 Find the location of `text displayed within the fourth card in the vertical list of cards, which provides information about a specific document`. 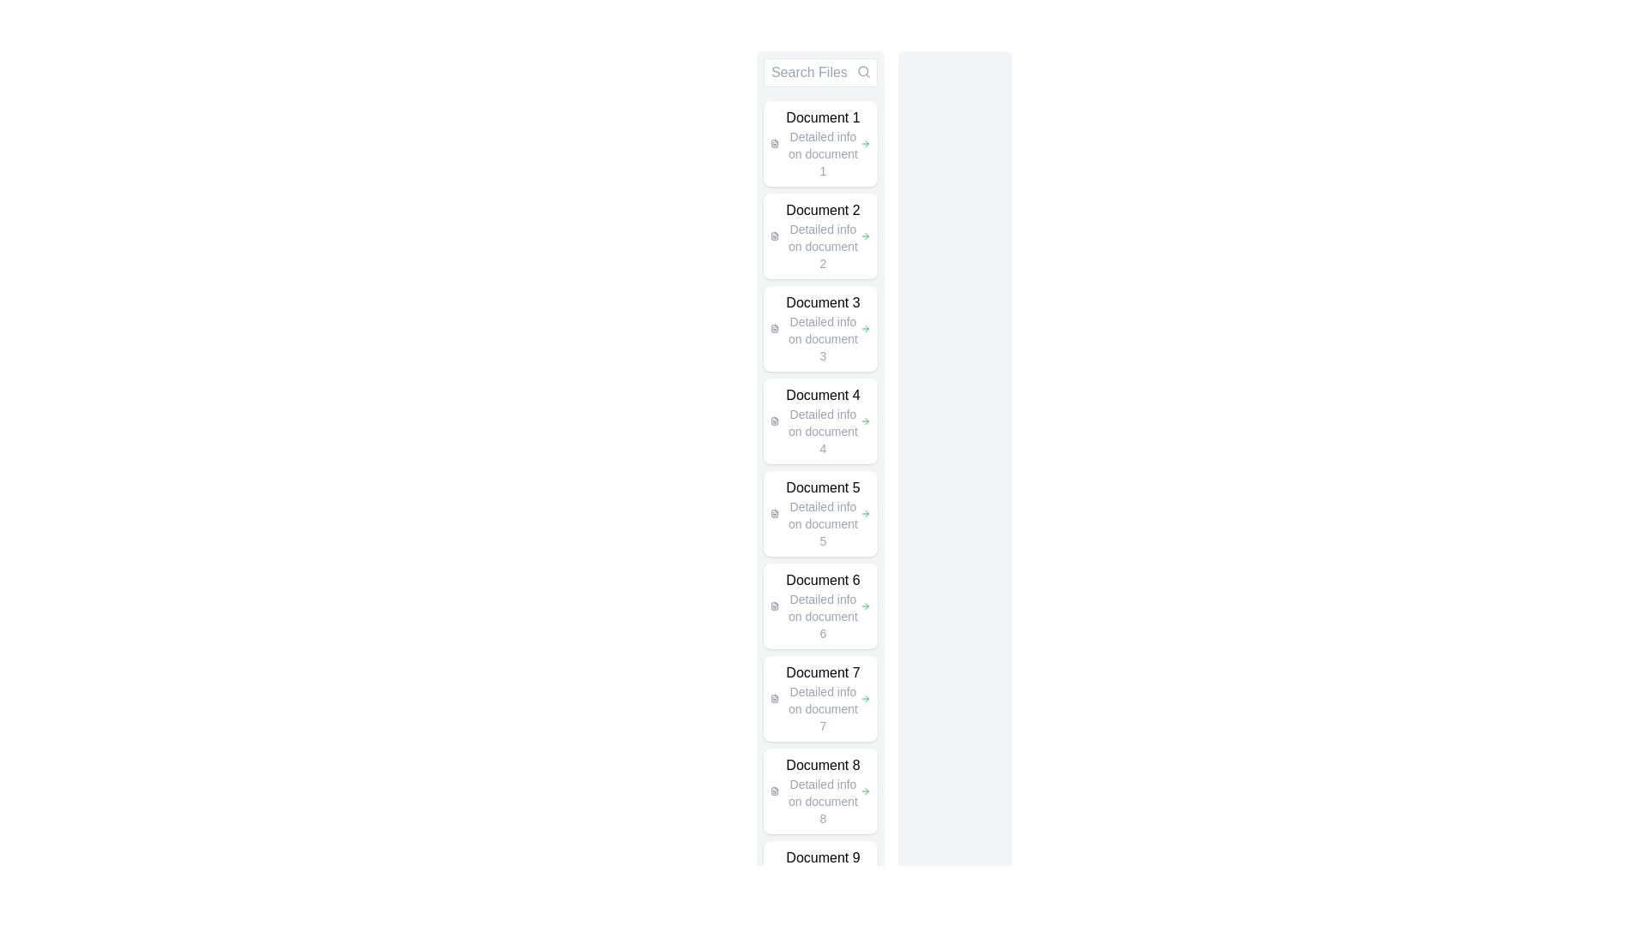

text displayed within the fourth card in the vertical list of cards, which provides information about a specific document is located at coordinates (823, 421).